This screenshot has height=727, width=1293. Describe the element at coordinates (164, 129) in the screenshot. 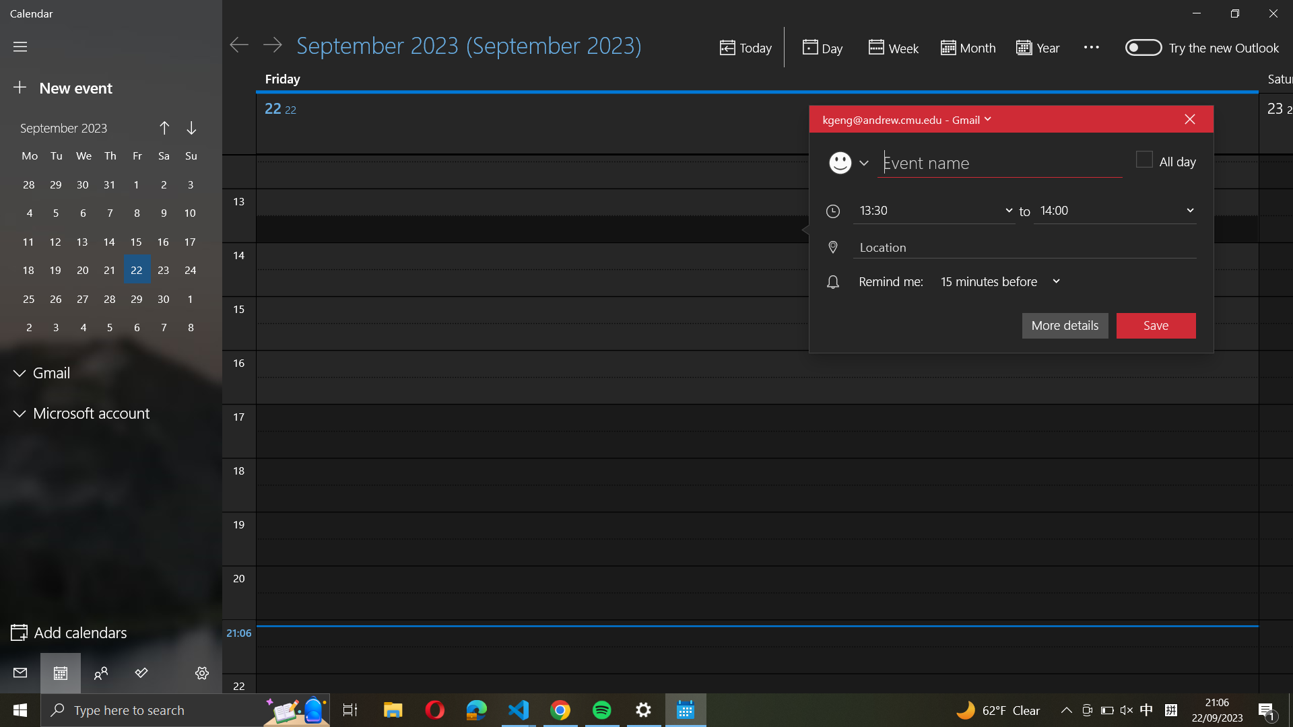

I see `Shift to the last month on your calendar view` at that location.